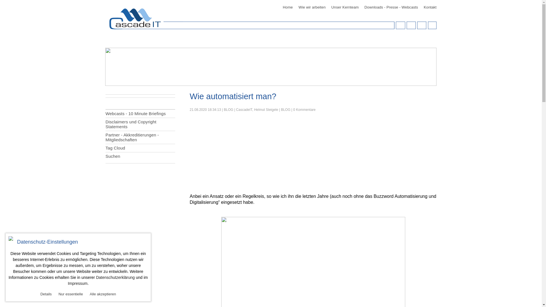  Describe the element at coordinates (140, 113) in the screenshot. I see `'Webcasts - 10 Minute Briefings'` at that location.